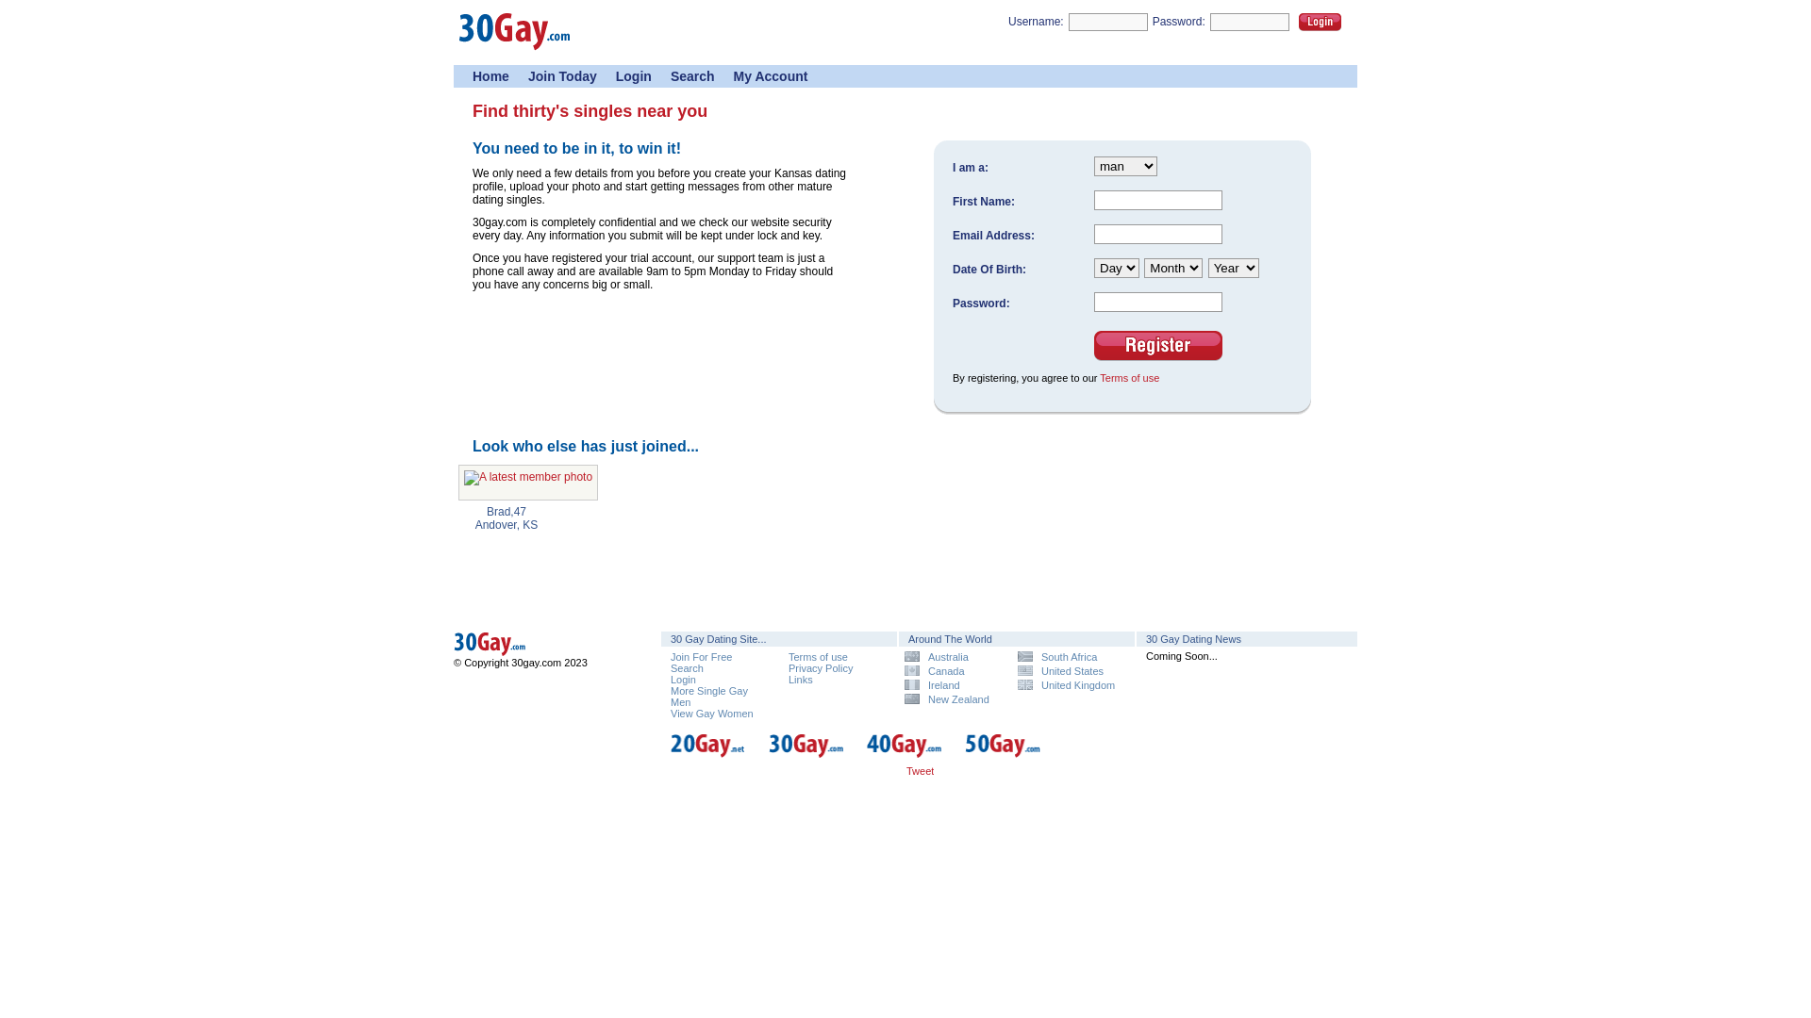 The width and height of the screenshot is (1811, 1018). What do you see at coordinates (920, 770) in the screenshot?
I see `'Tweet'` at bounding box center [920, 770].